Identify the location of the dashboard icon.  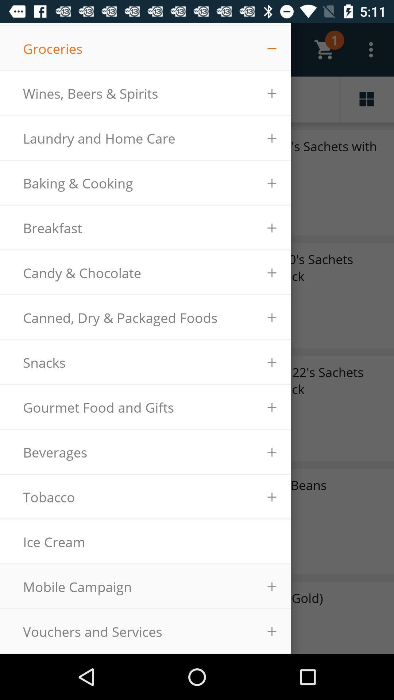
(367, 99).